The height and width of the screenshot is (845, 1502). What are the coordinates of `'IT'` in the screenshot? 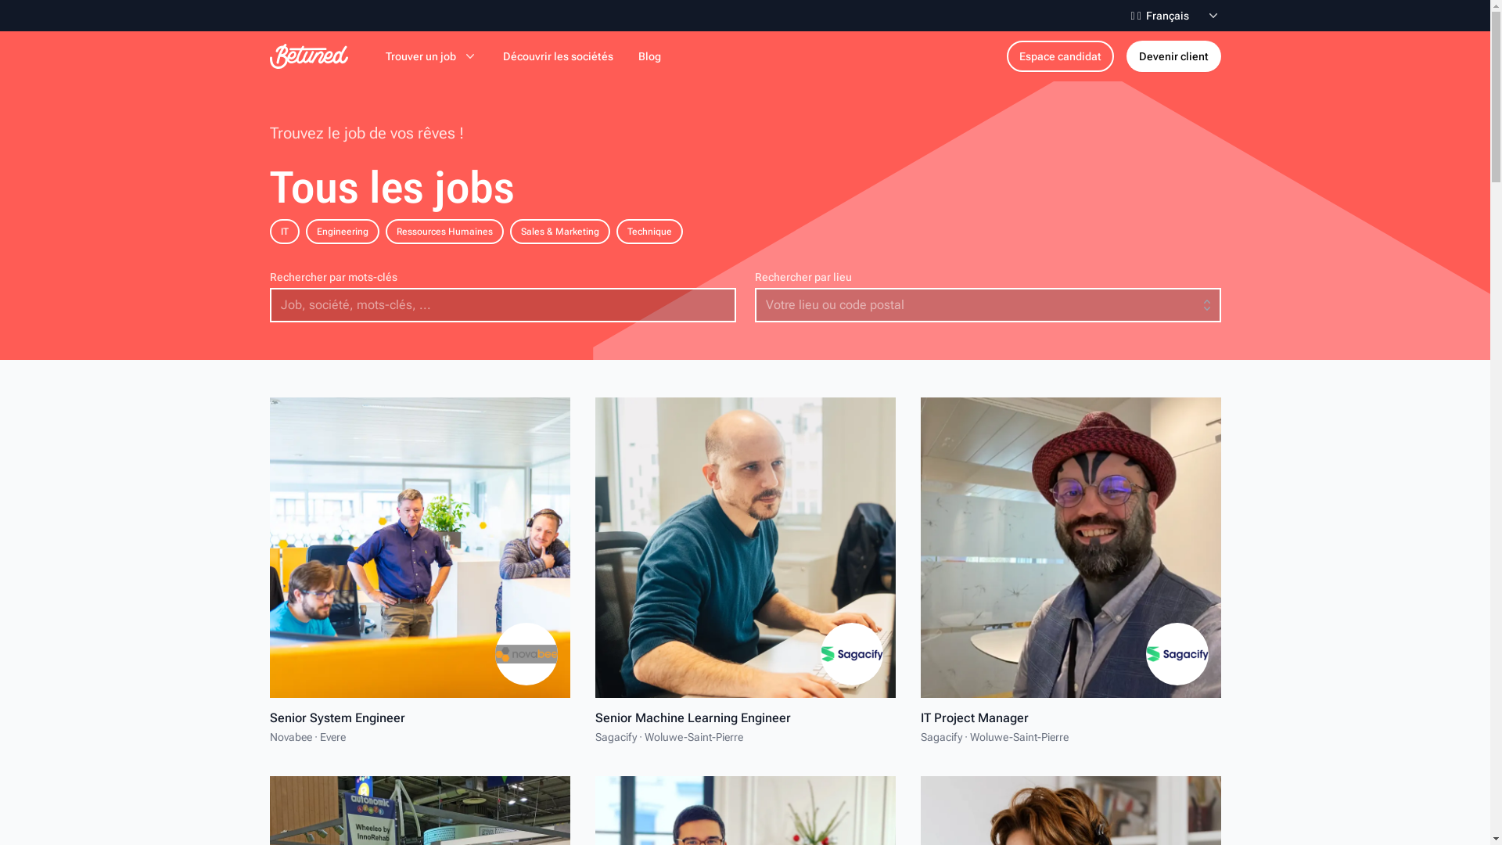 It's located at (284, 232).